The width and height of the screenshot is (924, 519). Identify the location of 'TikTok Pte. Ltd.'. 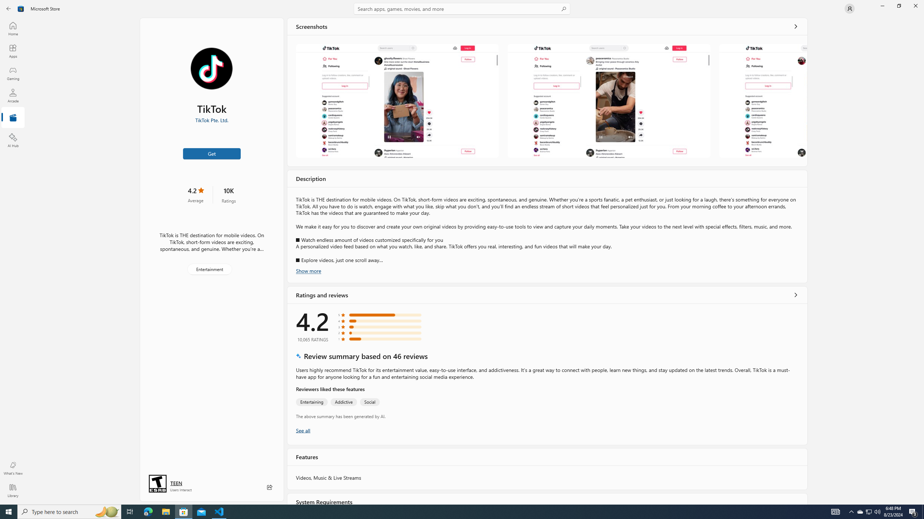
(212, 120).